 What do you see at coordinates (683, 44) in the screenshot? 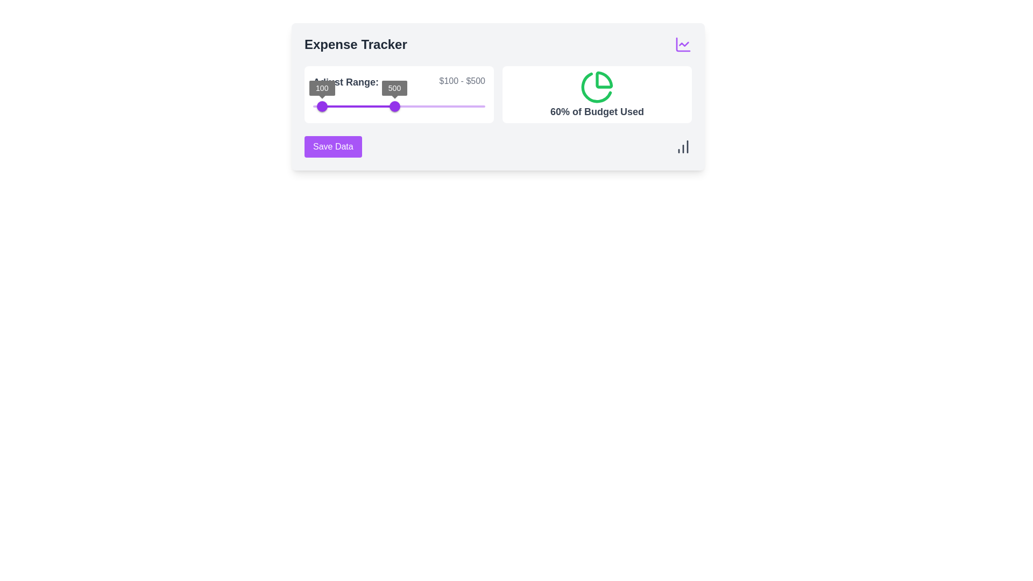
I see `the icon in the top right corner of the 'Expense Tracker' section, which likely serves as a visual representation of data or analytics` at bounding box center [683, 44].